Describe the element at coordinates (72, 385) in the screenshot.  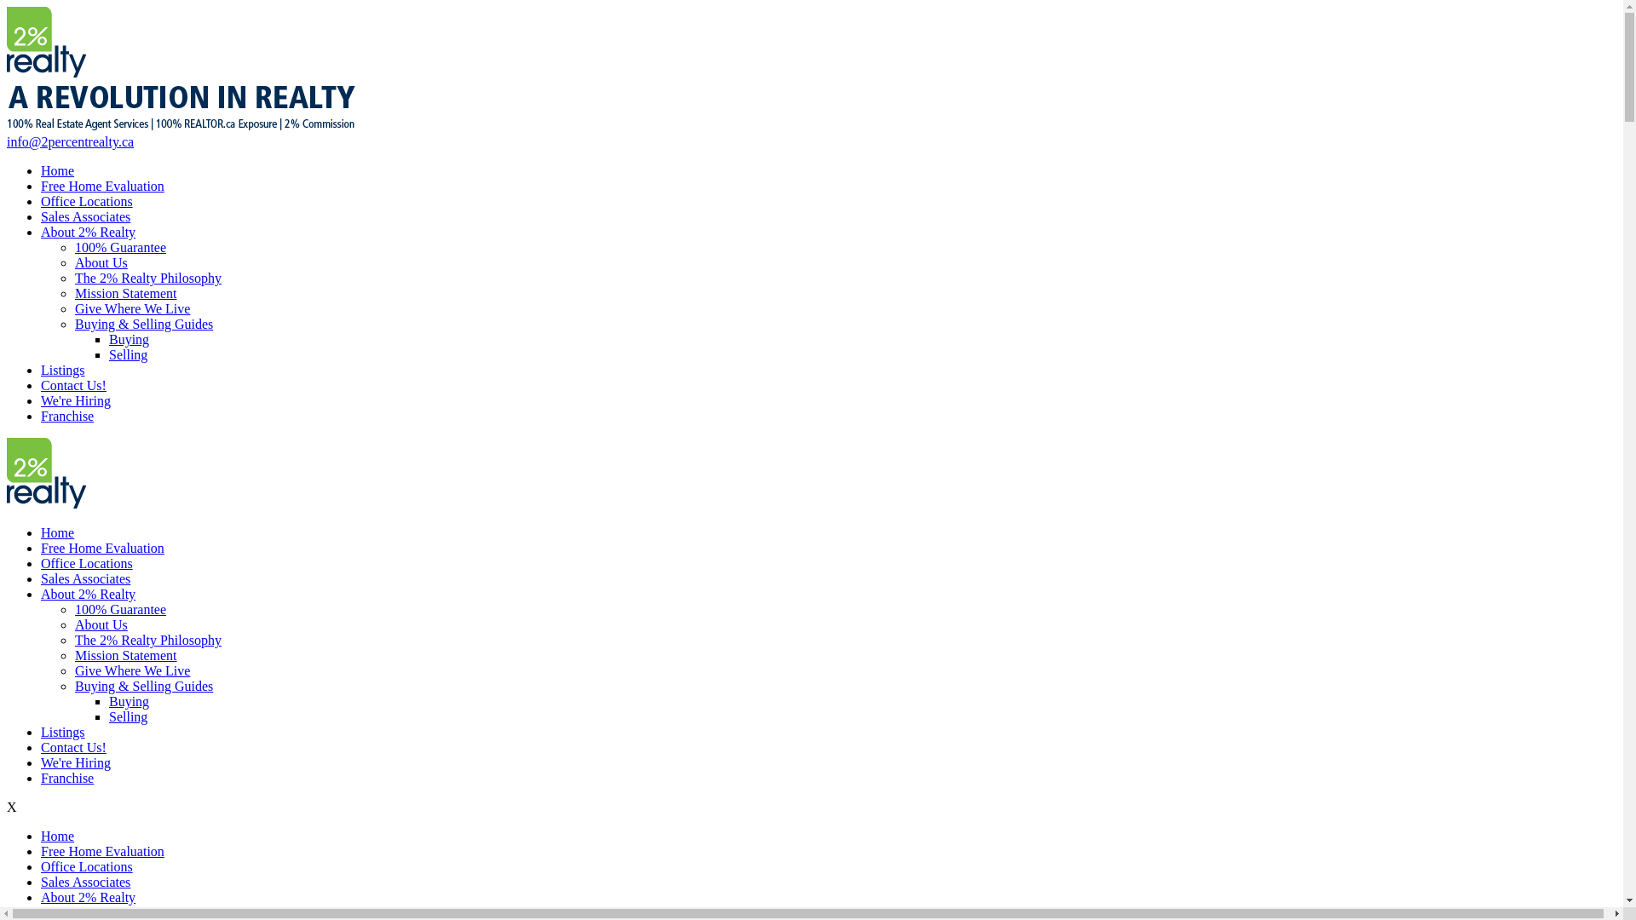
I see `'Contact Us!'` at that location.